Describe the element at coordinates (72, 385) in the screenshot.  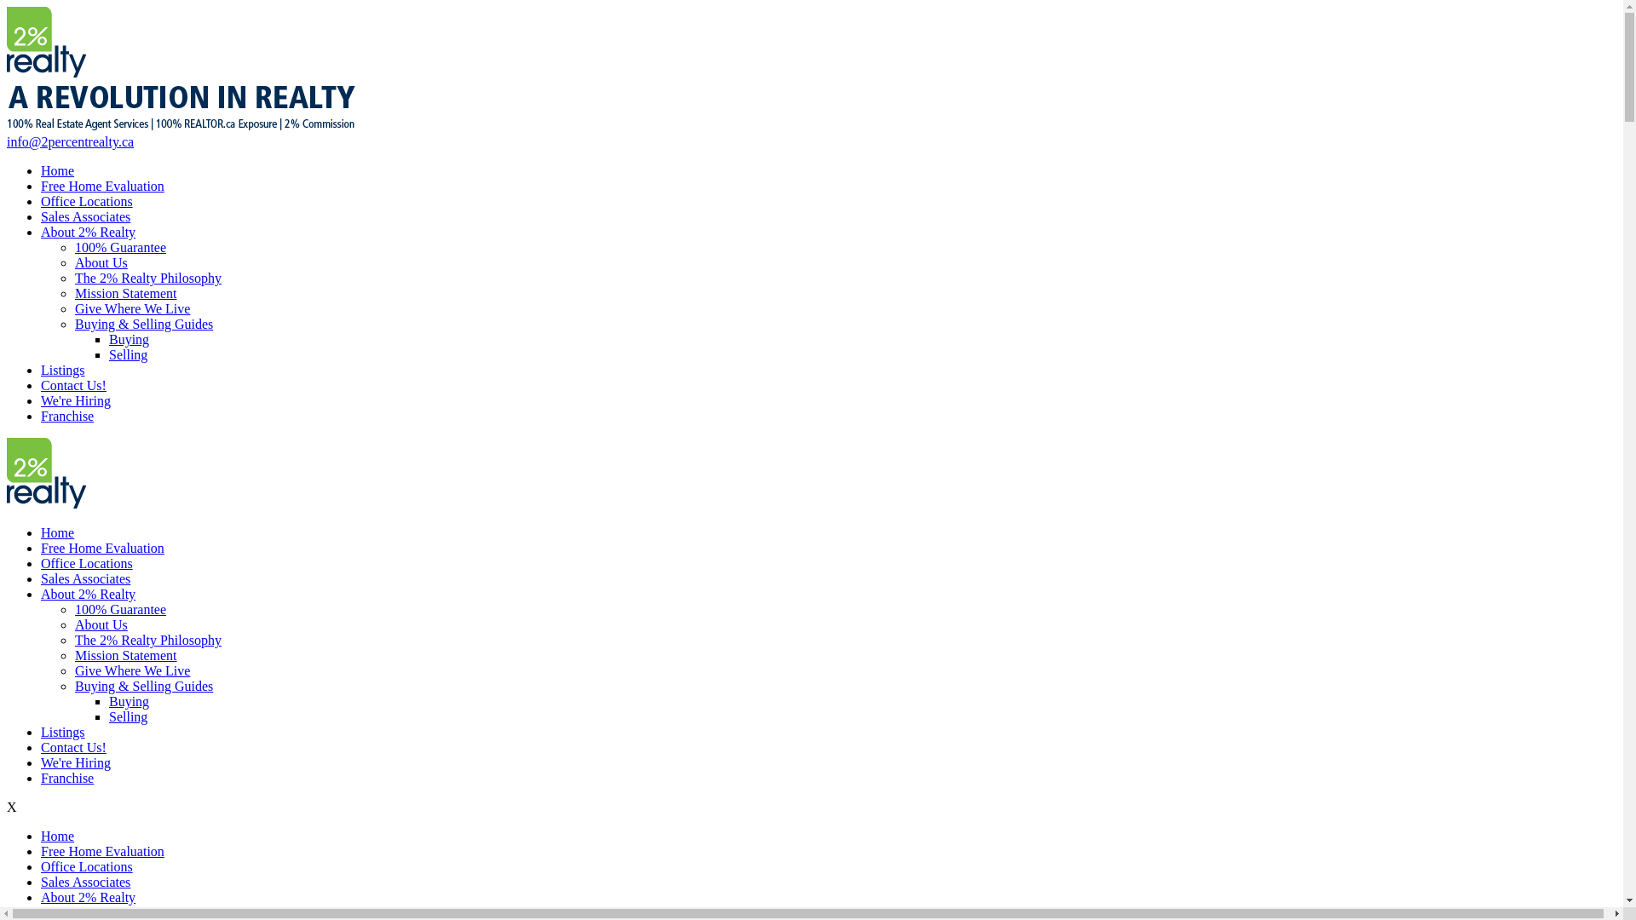
I see `'Contact Us!'` at that location.